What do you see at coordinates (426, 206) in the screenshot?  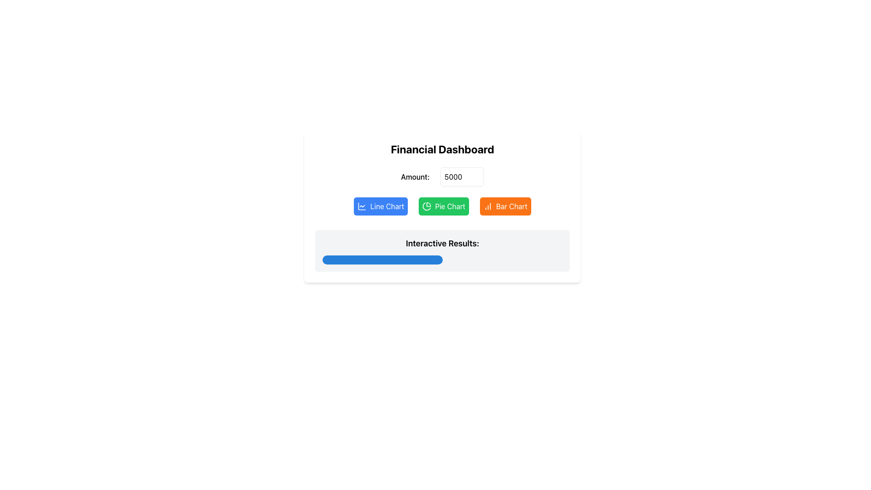 I see `the pie chart segment icon within the green 'Pie Chart' button, which is located between the blue 'Line Chart' button and the orange 'Bar Chart' button` at bounding box center [426, 206].